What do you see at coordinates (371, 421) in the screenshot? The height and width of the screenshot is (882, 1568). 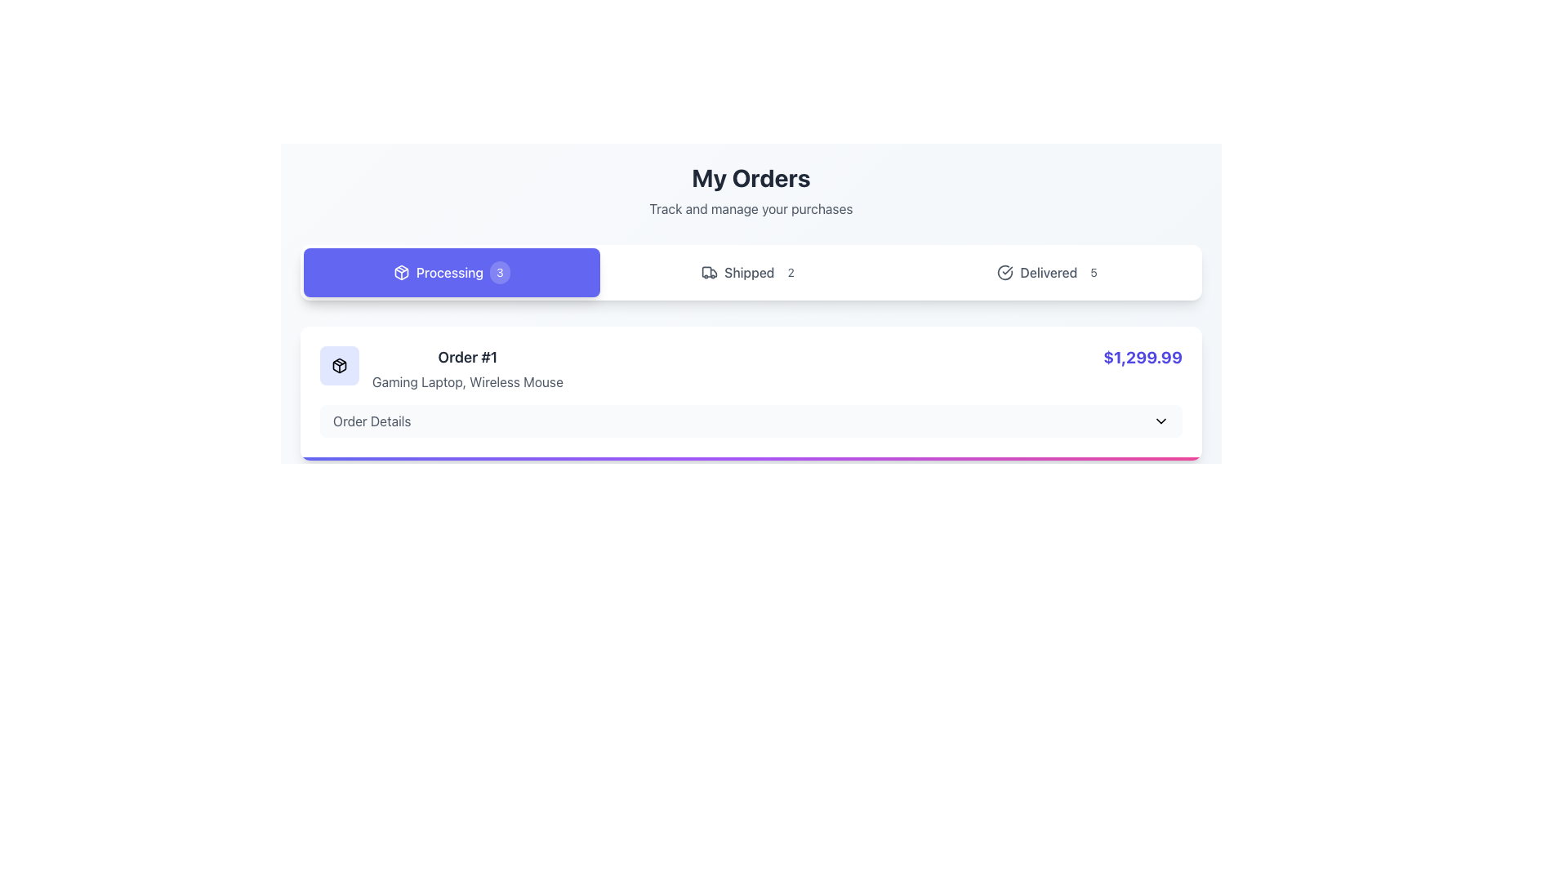 I see `text content of the static label indicating further information associated with the 'Order Details' section, located to the left of a drop-down menu icon` at bounding box center [371, 421].